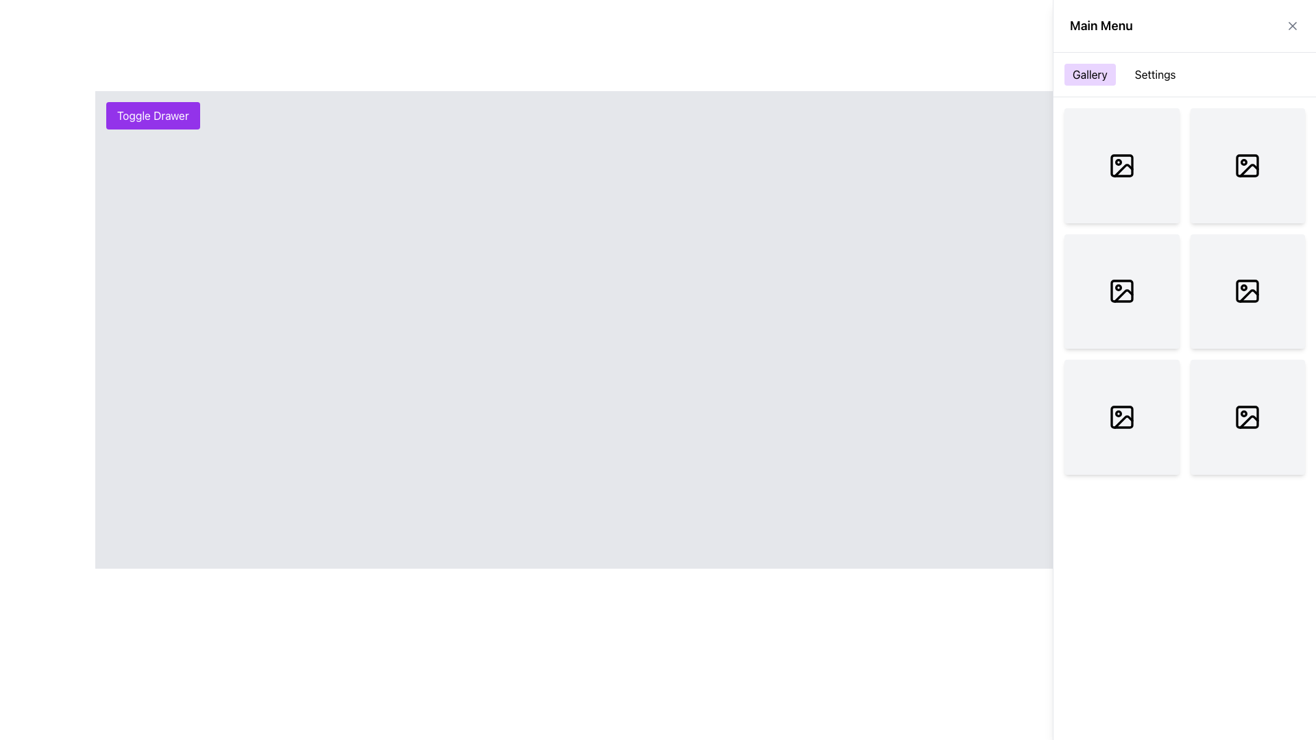 The height and width of the screenshot is (740, 1316). I want to click on the text label located in the top-right corner of the interface, which serves as a title or label for the section, positioned left of an interactive button and an icon, so click(1101, 26).